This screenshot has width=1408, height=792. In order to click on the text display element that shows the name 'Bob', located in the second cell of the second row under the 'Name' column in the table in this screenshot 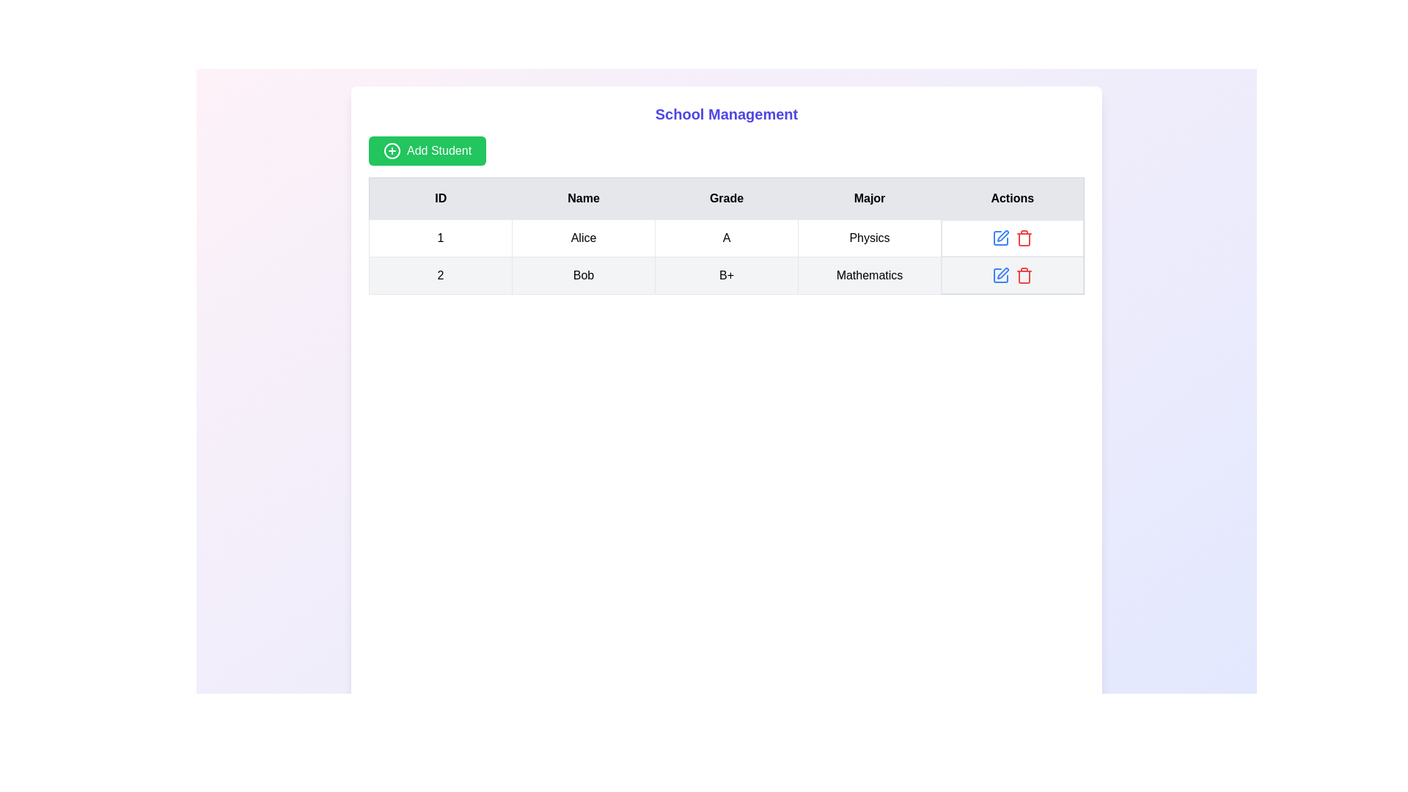, I will do `click(583, 274)`.